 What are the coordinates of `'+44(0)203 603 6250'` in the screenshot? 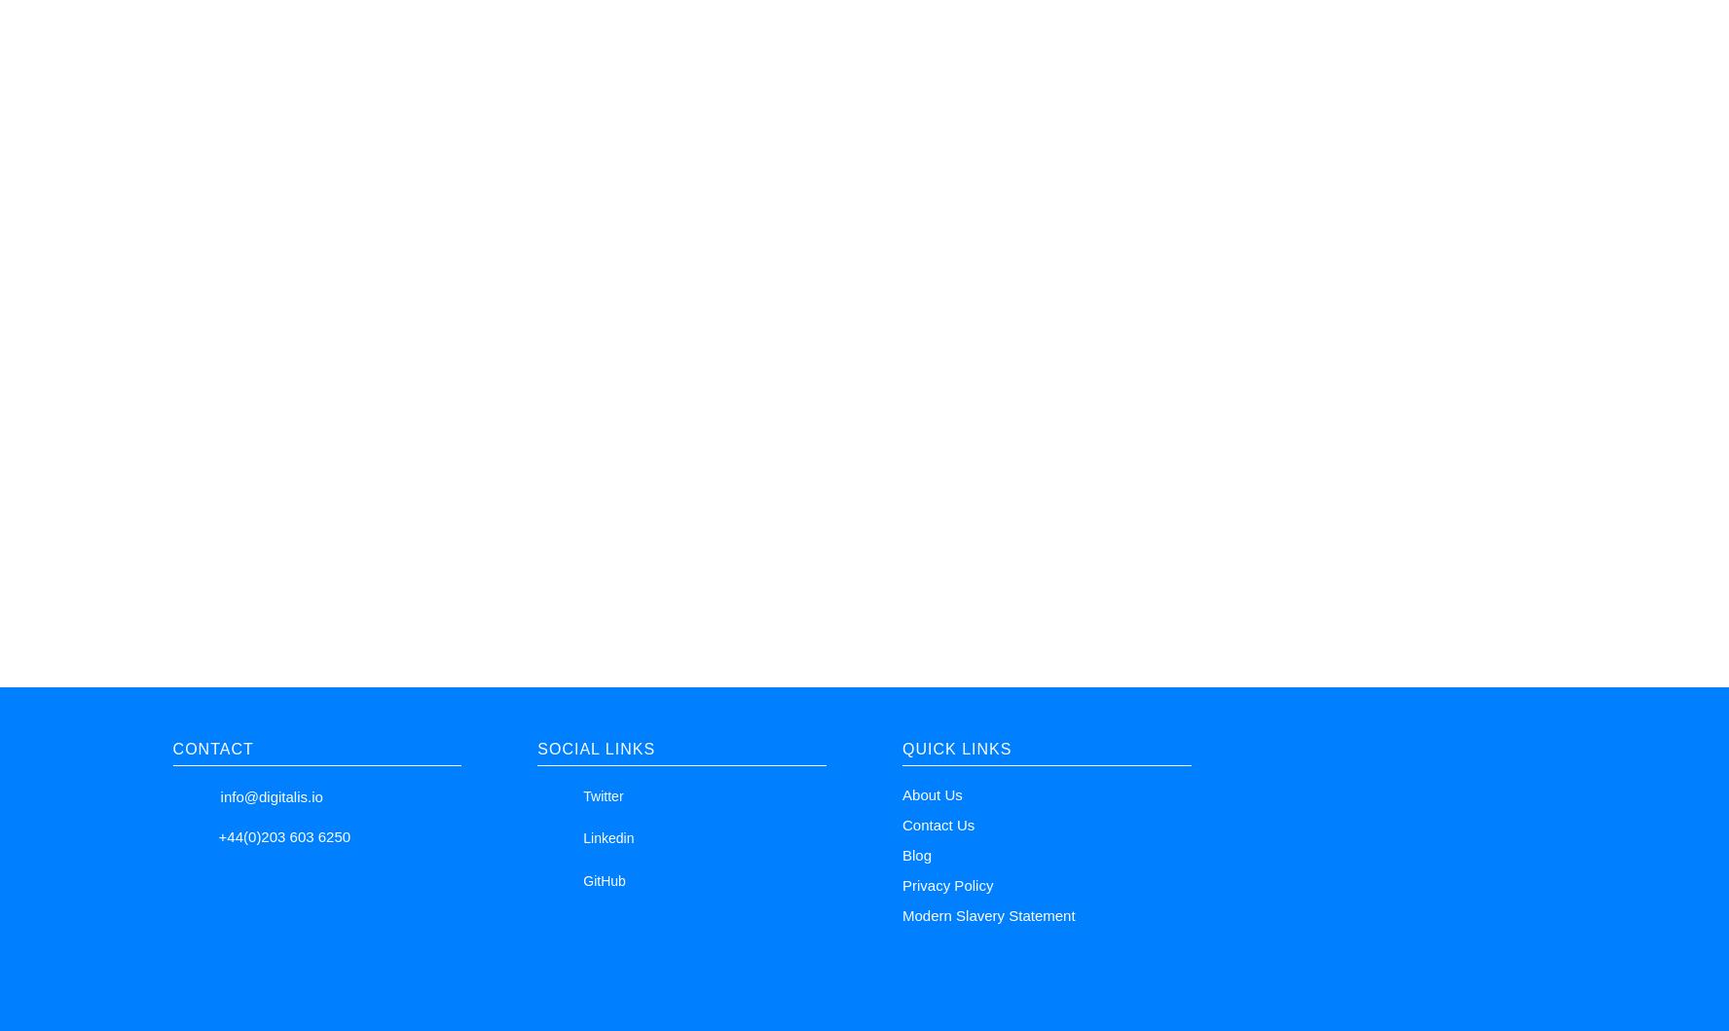 It's located at (283, 835).